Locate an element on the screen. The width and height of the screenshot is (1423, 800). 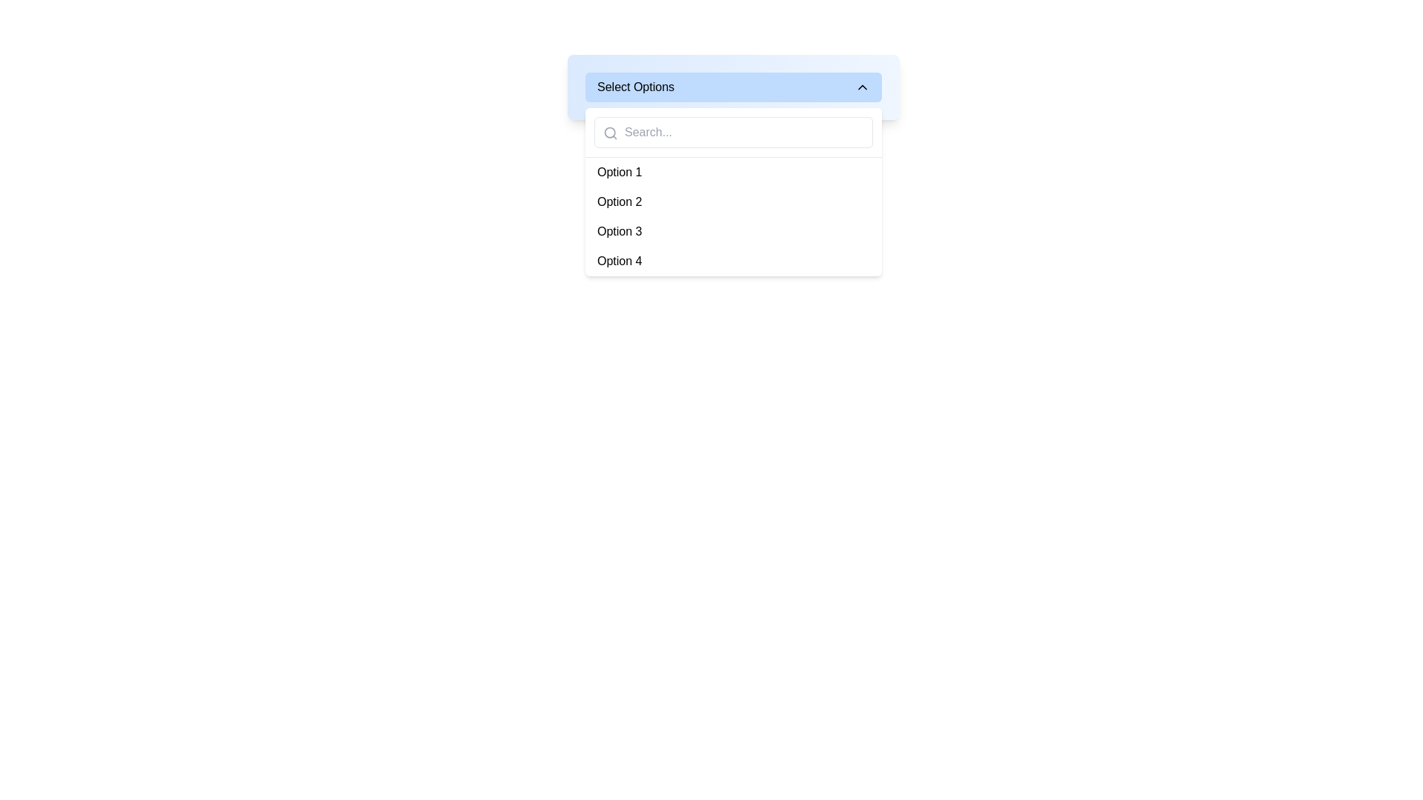
the list item displaying 'Option 3' in the dropdown menu is located at coordinates (733, 231).